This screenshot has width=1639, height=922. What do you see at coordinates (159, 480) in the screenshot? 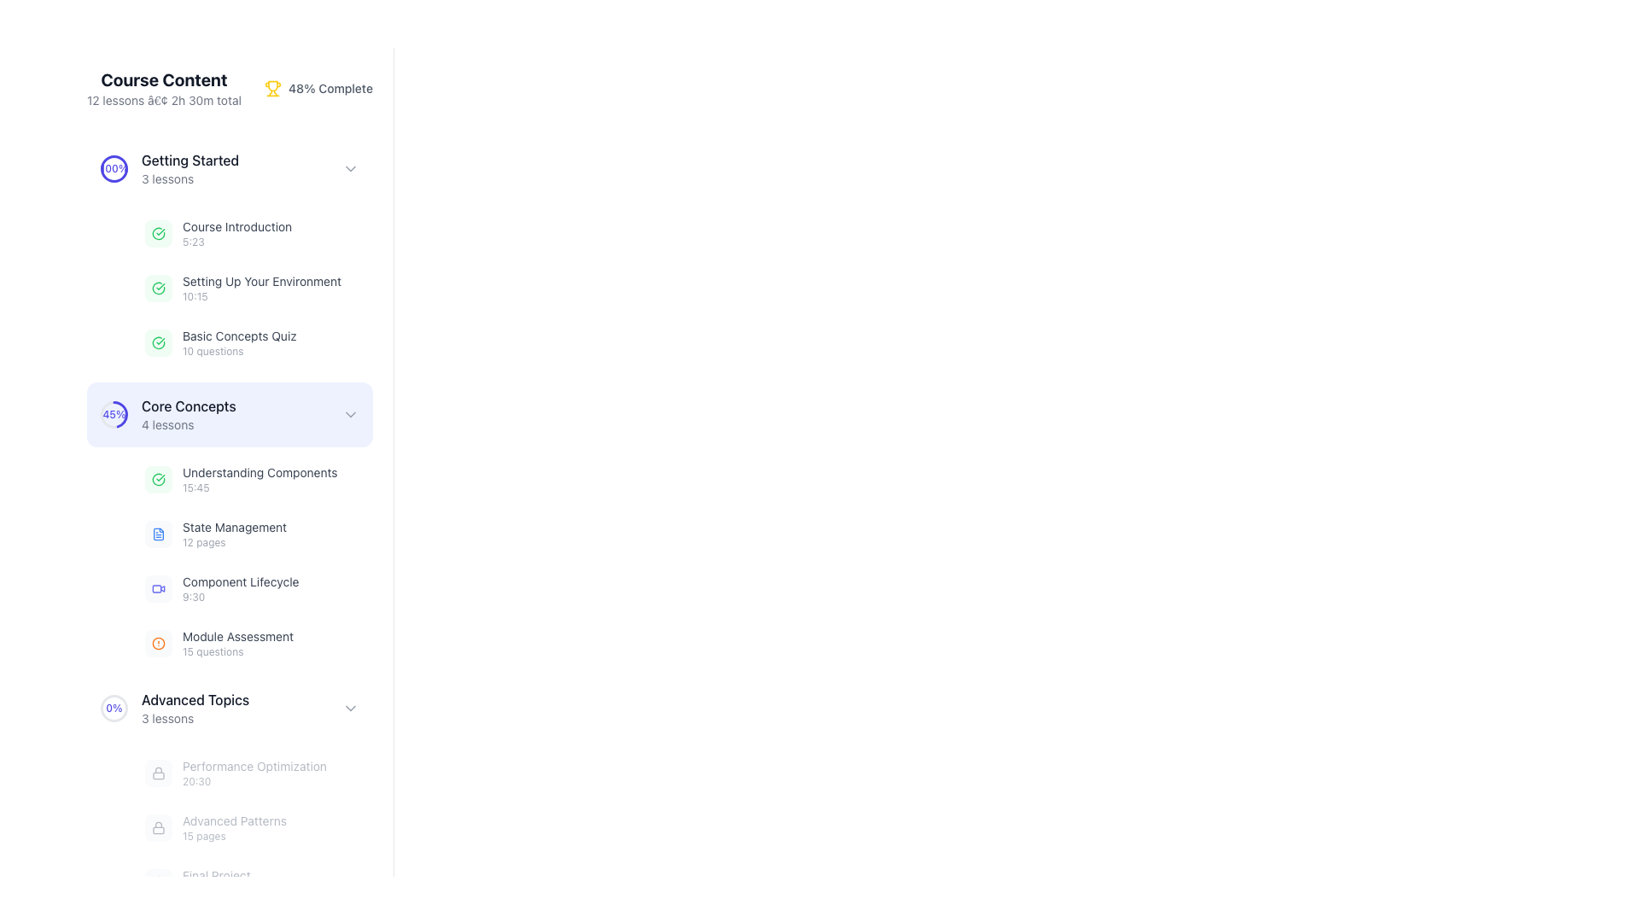
I see `the status indicator icon for the lesson item labeled 'Understanding Components' in the 'Core Concepts' section by moving the cursor to its position` at bounding box center [159, 480].